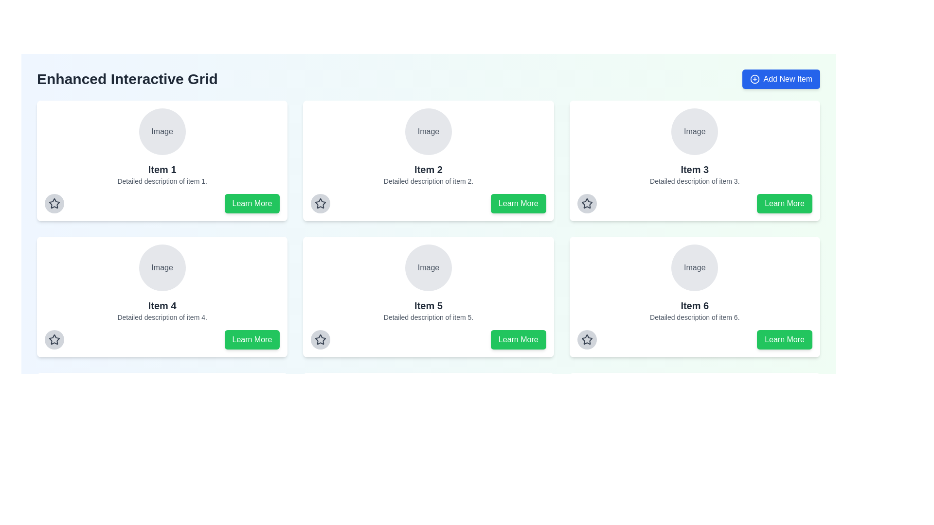 The image size is (934, 525). What do you see at coordinates (162, 268) in the screenshot?
I see `the Text Label in Item 4 card, located in the second row and first column, to read its content` at bounding box center [162, 268].